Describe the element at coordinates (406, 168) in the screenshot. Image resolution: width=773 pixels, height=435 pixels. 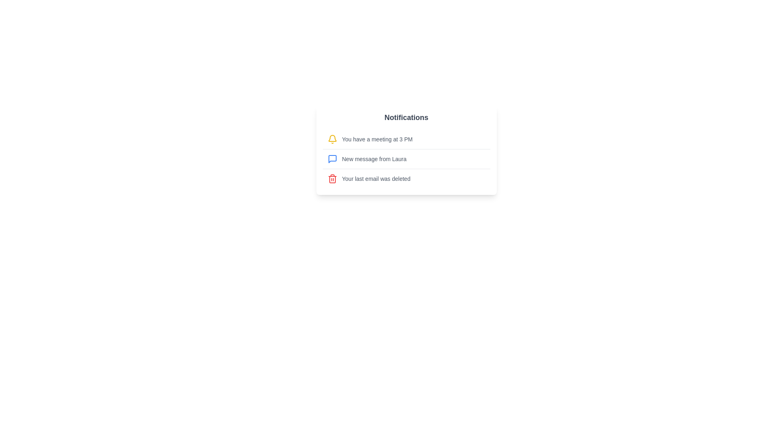
I see `the notification entry labeled 'New message from Laura', which is the second item in the notification list and is located directly below the 'You have a meeting at 3 PM' notification` at that location.